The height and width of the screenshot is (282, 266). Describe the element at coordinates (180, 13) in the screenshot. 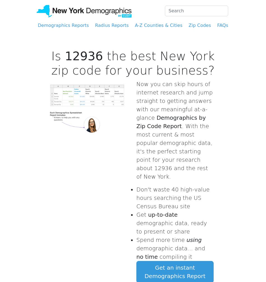

I see `'Median Age'` at that location.